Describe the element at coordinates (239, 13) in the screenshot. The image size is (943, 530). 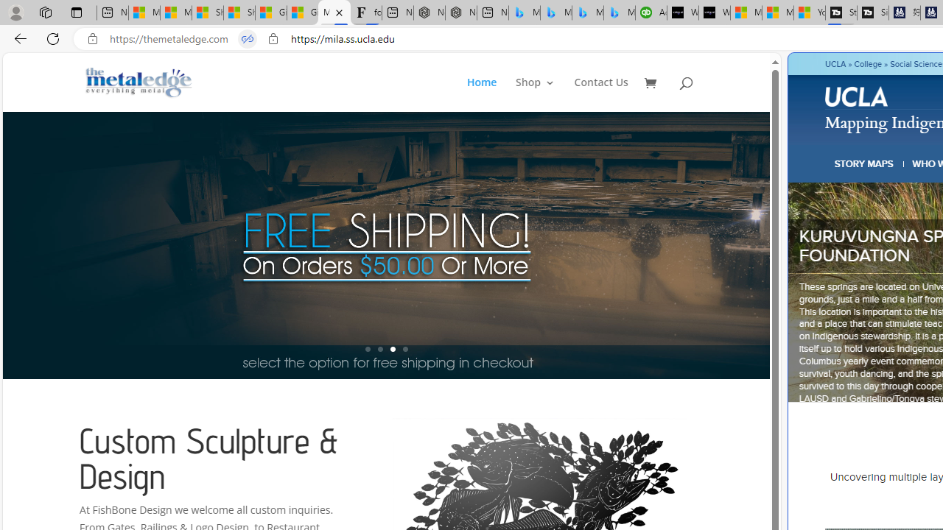
I see `'Shanghai, China weather forecast | Microsoft Weather'` at that location.